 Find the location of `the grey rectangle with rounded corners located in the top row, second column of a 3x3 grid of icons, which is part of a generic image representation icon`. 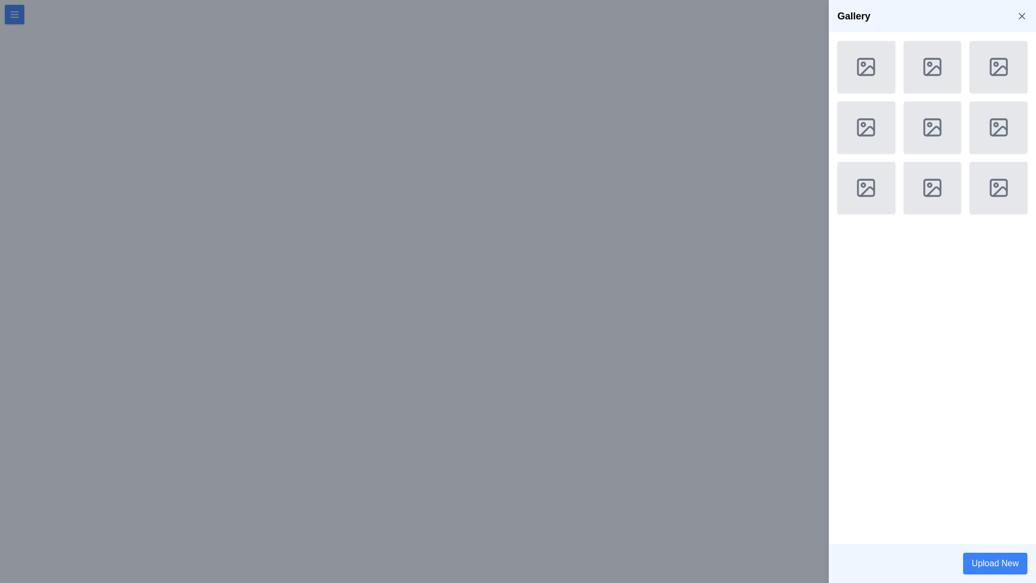

the grey rectangle with rounded corners located in the top row, second column of a 3x3 grid of icons, which is part of a generic image representation icon is located at coordinates (932, 66).